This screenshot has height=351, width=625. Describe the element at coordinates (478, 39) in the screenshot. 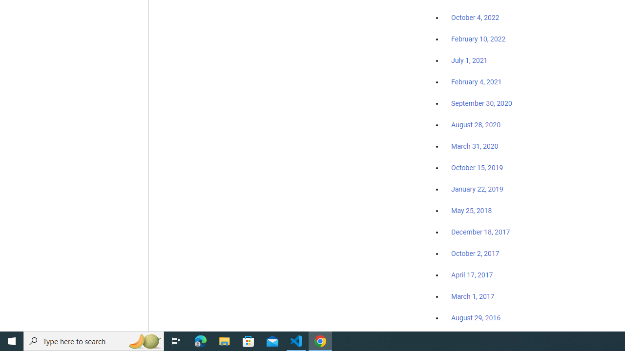

I see `'February 10, 2022'` at that location.